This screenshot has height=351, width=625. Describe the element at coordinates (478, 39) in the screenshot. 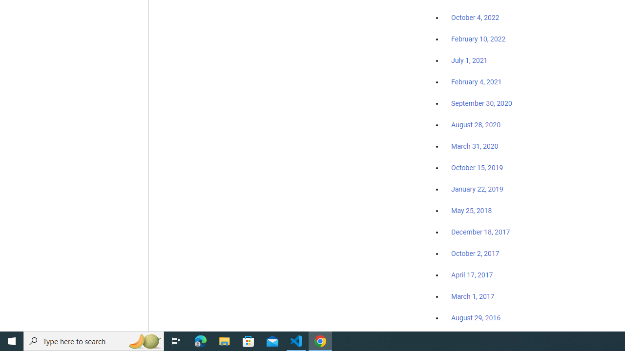

I see `'February 10, 2022'` at that location.